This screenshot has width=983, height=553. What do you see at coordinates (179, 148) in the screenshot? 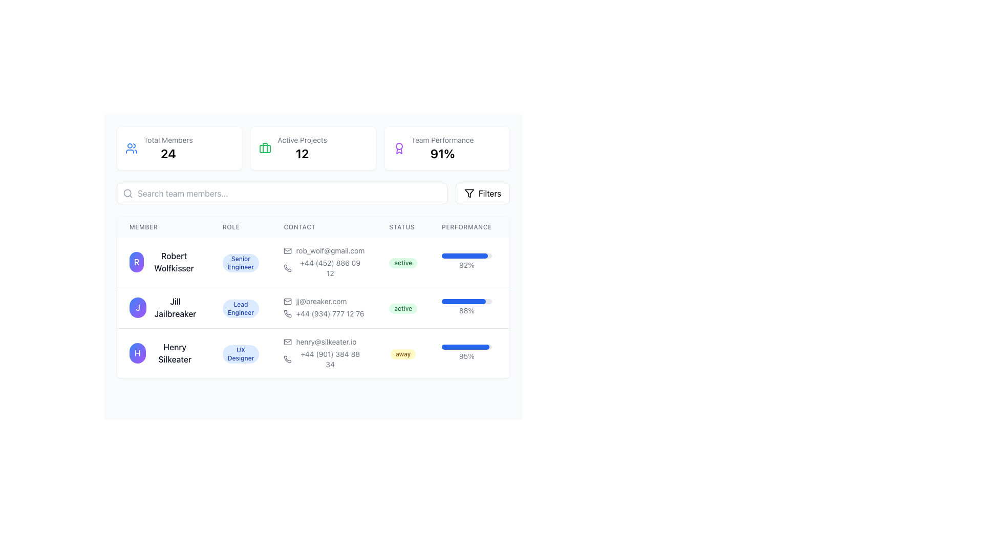
I see `the Information card that displays an overview of the total number of members, located in the top-left section of the row of cards, adjacent to the 'Active Projects' card` at bounding box center [179, 148].